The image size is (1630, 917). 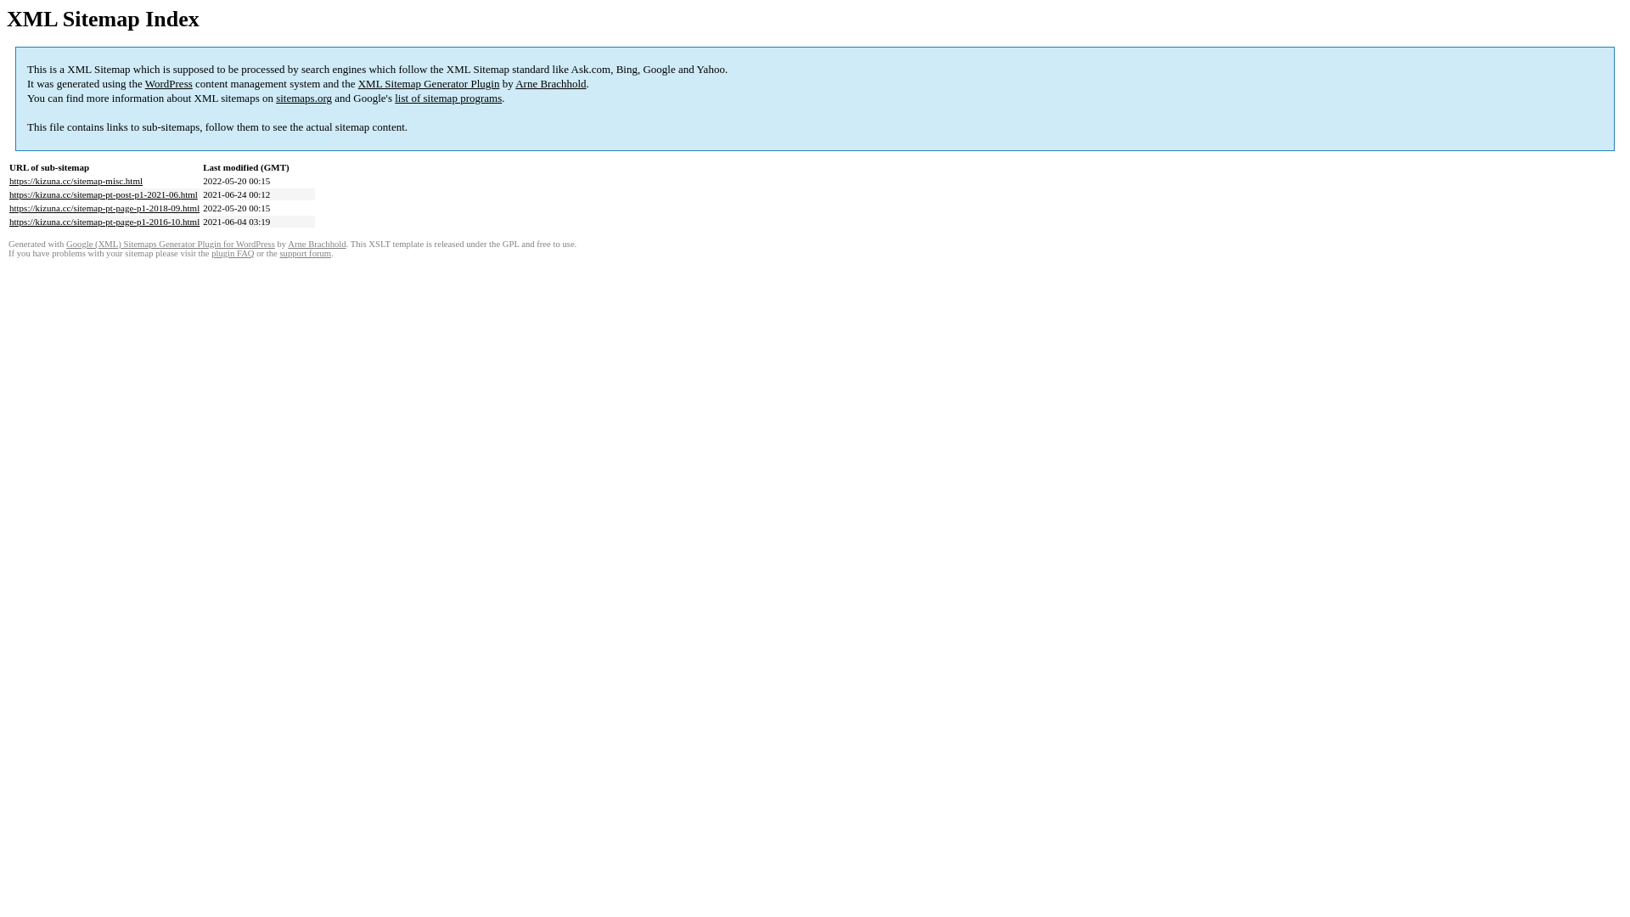 What do you see at coordinates (304, 98) in the screenshot?
I see `'sitemaps.org'` at bounding box center [304, 98].